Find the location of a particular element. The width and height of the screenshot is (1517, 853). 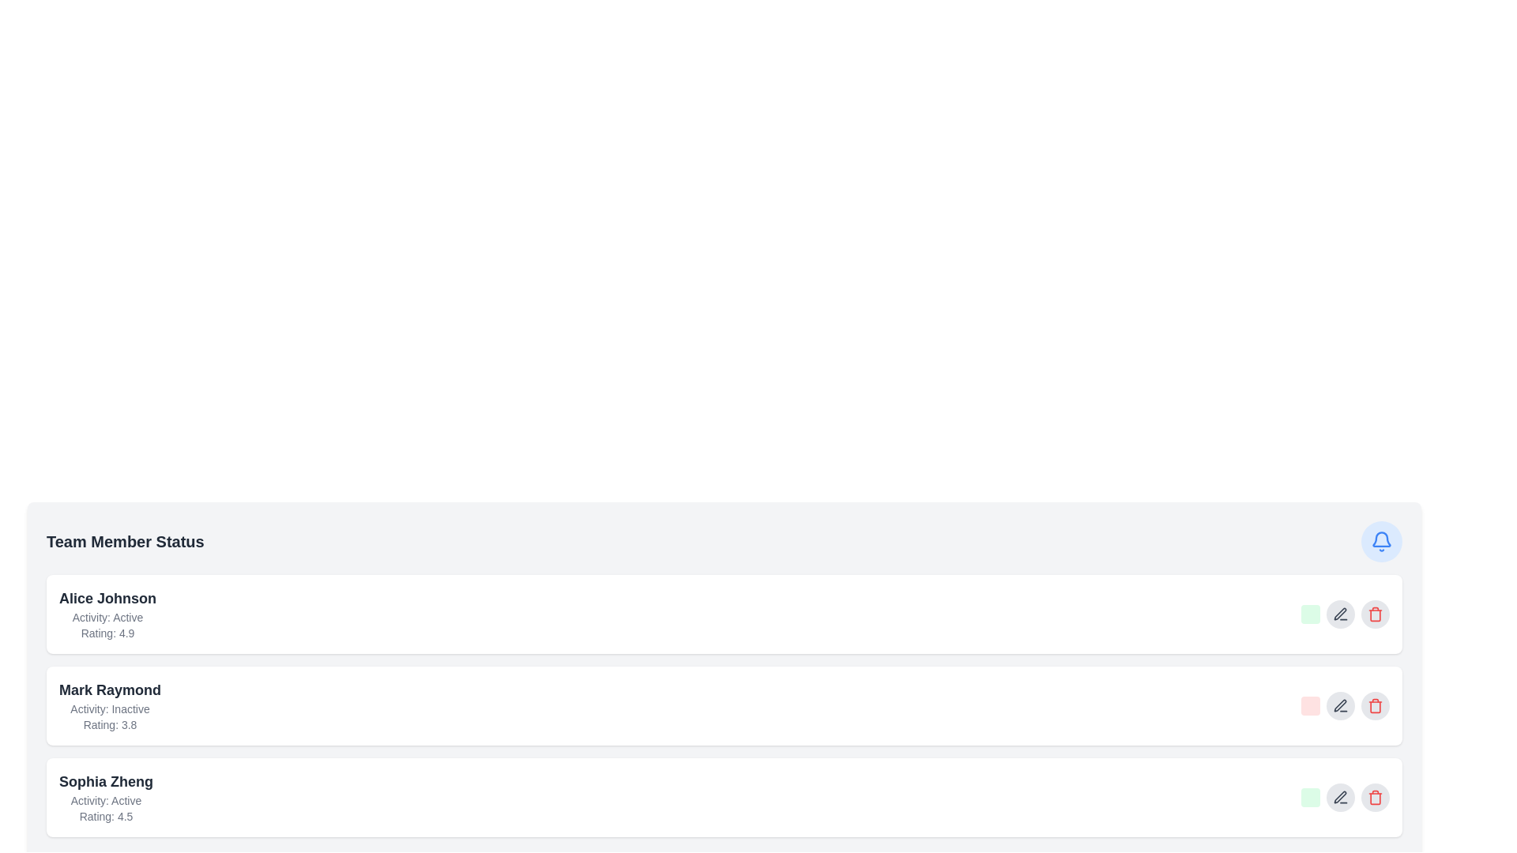

the text block displaying the summary of an individual’s name, activity status, and rating located in the third entry of the team member statuses list is located at coordinates (105, 798).